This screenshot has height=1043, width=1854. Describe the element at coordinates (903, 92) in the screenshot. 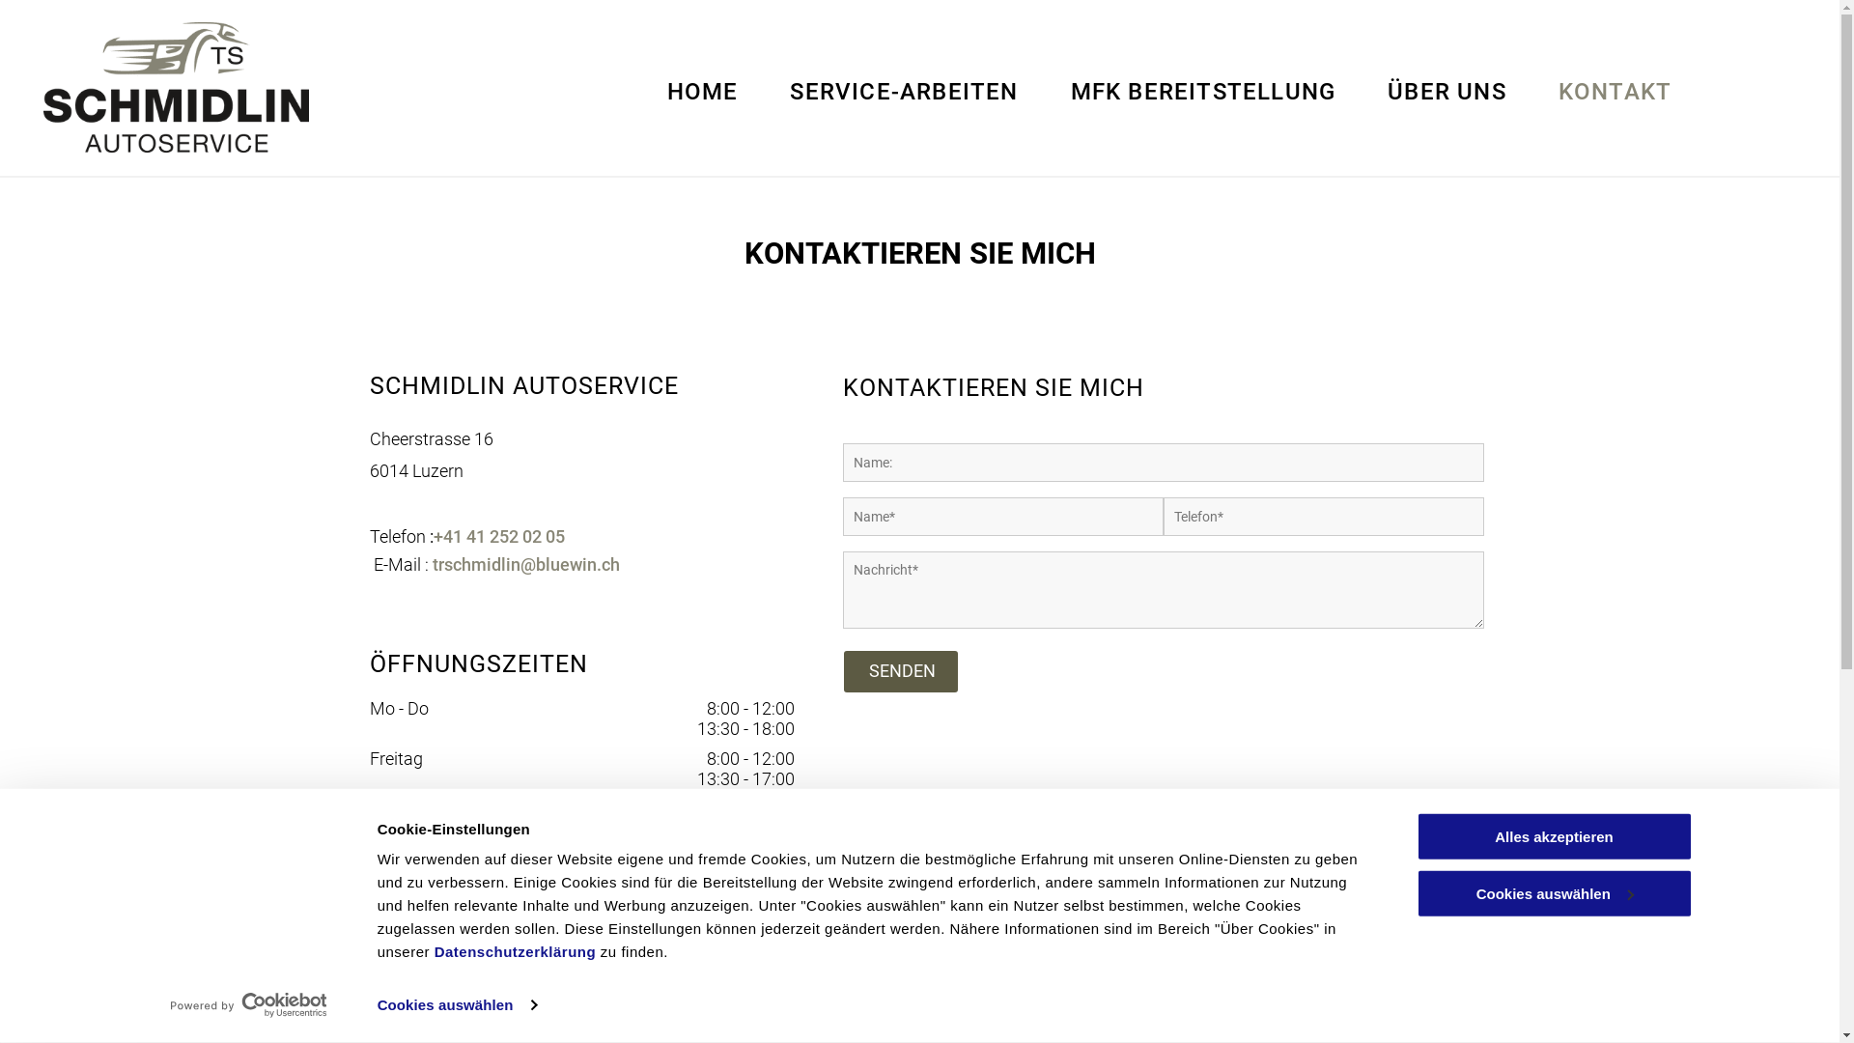

I see `'SERVICE-ARBEITEN'` at that location.